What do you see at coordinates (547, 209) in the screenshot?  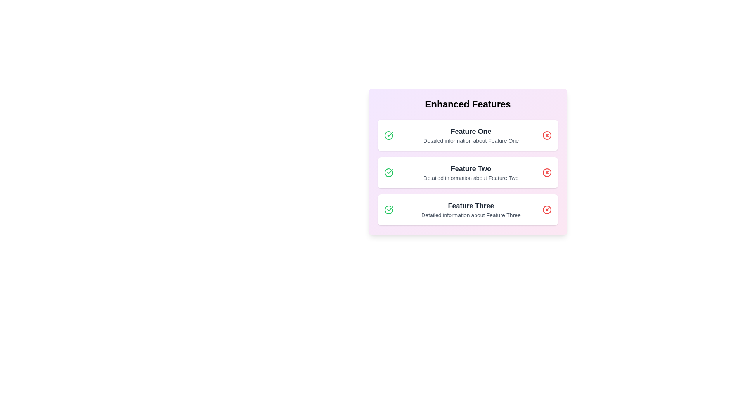 I see `the remove button for the feature identified by Feature Three` at bounding box center [547, 209].